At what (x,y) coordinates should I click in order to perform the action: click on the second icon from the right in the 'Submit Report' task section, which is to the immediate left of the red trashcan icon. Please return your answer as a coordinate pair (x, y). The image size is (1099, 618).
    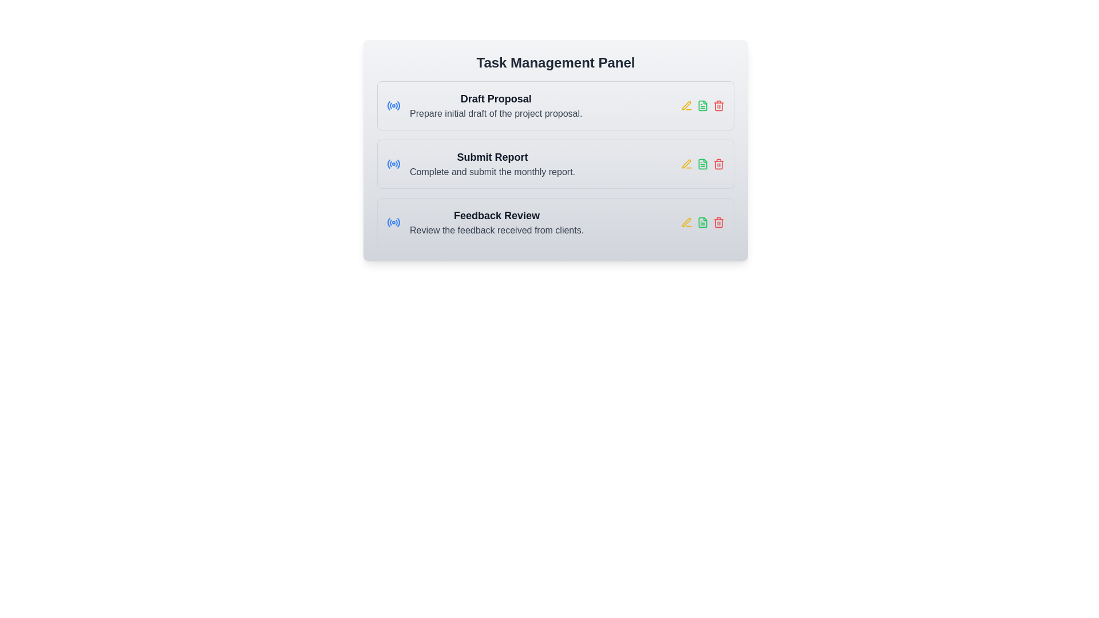
    Looking at the image, I should click on (702, 164).